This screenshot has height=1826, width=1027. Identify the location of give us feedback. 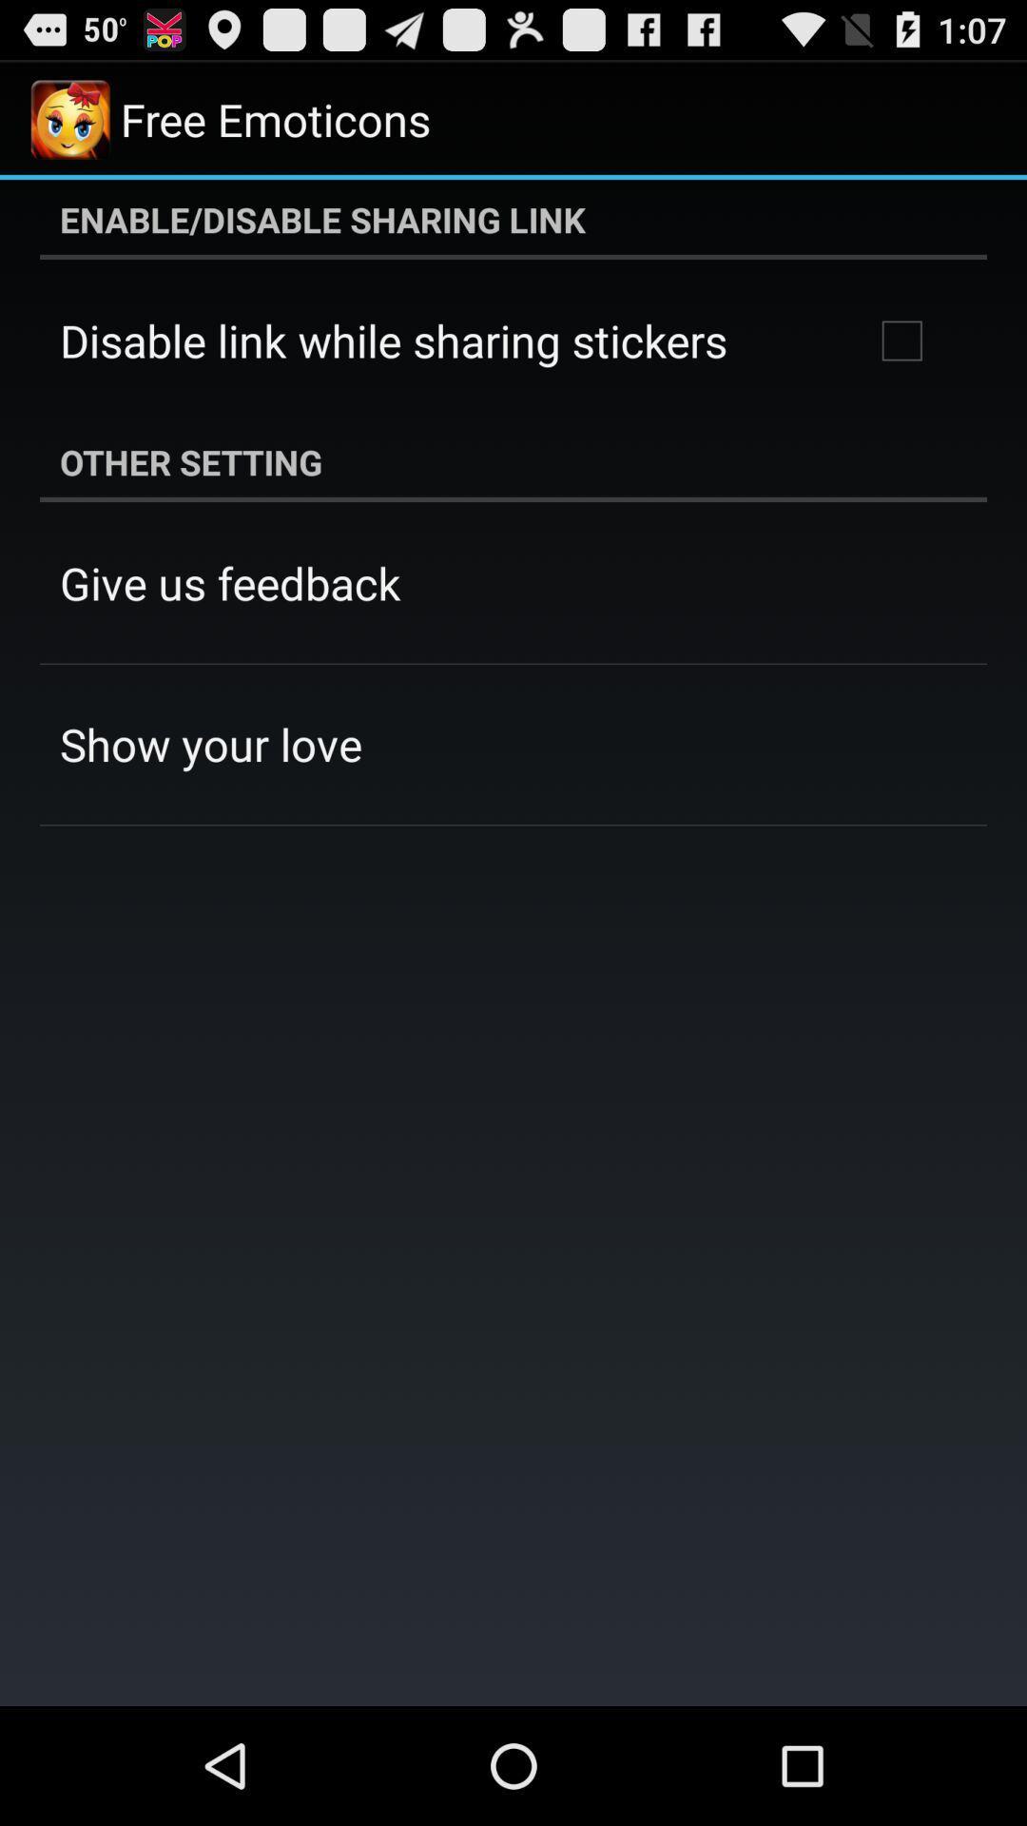
(229, 582).